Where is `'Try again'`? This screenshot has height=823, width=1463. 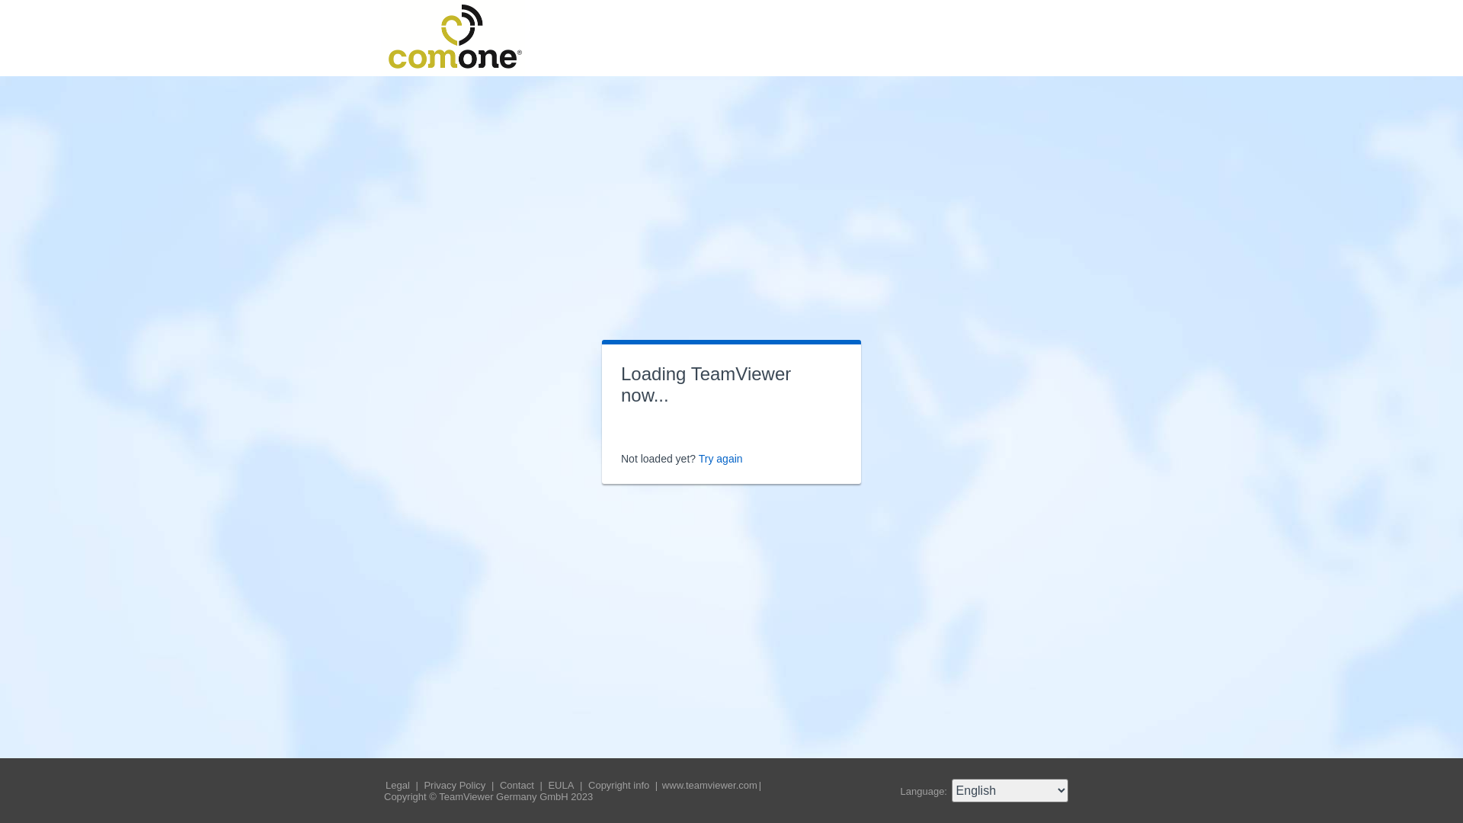
'Try again' is located at coordinates (719, 457).